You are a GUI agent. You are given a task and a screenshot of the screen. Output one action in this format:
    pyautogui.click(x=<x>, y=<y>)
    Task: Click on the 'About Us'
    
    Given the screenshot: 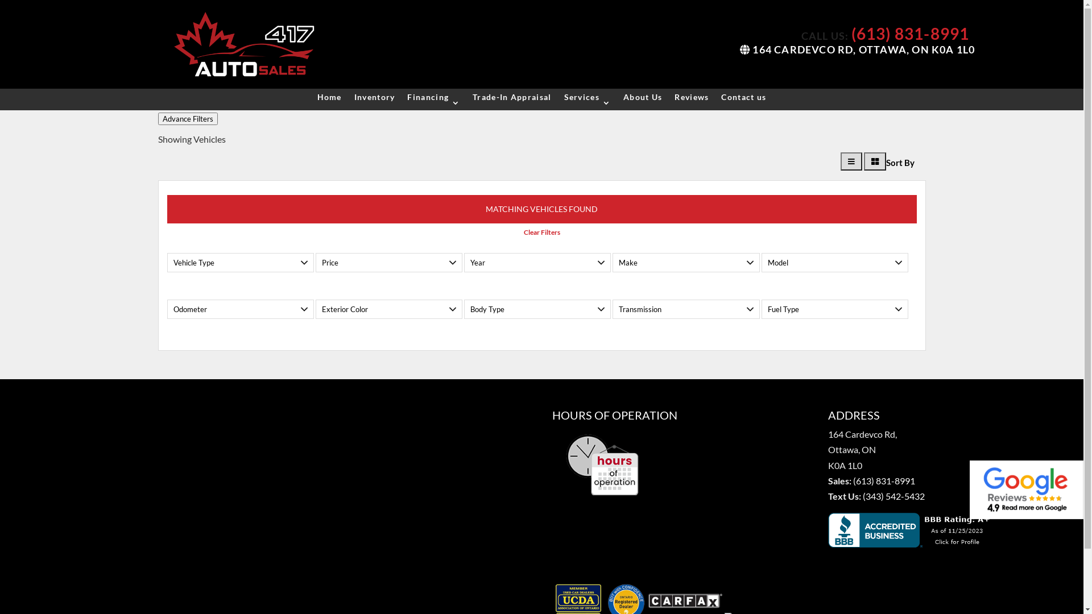 What is the action you would take?
    pyautogui.click(x=622, y=98)
    